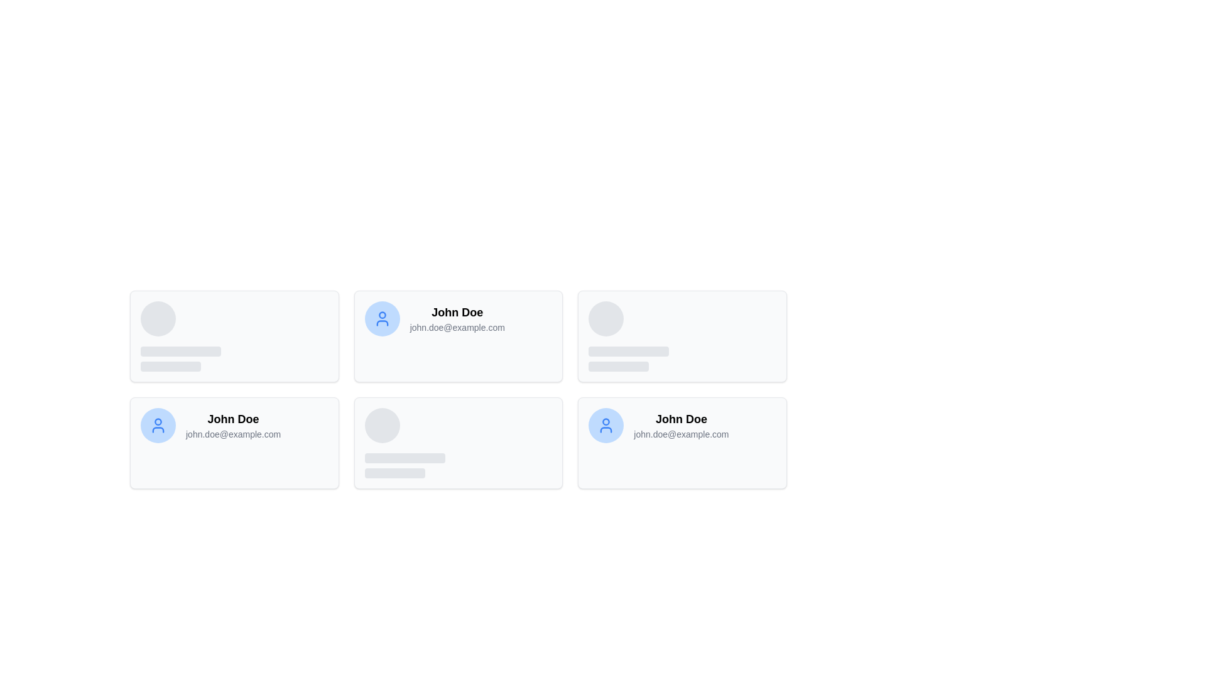 This screenshot has width=1206, height=678. I want to click on the first thin, horizontal bar with rounded edges, styled in light gray, located in the bottom-right segment of the interface, so click(405, 458).